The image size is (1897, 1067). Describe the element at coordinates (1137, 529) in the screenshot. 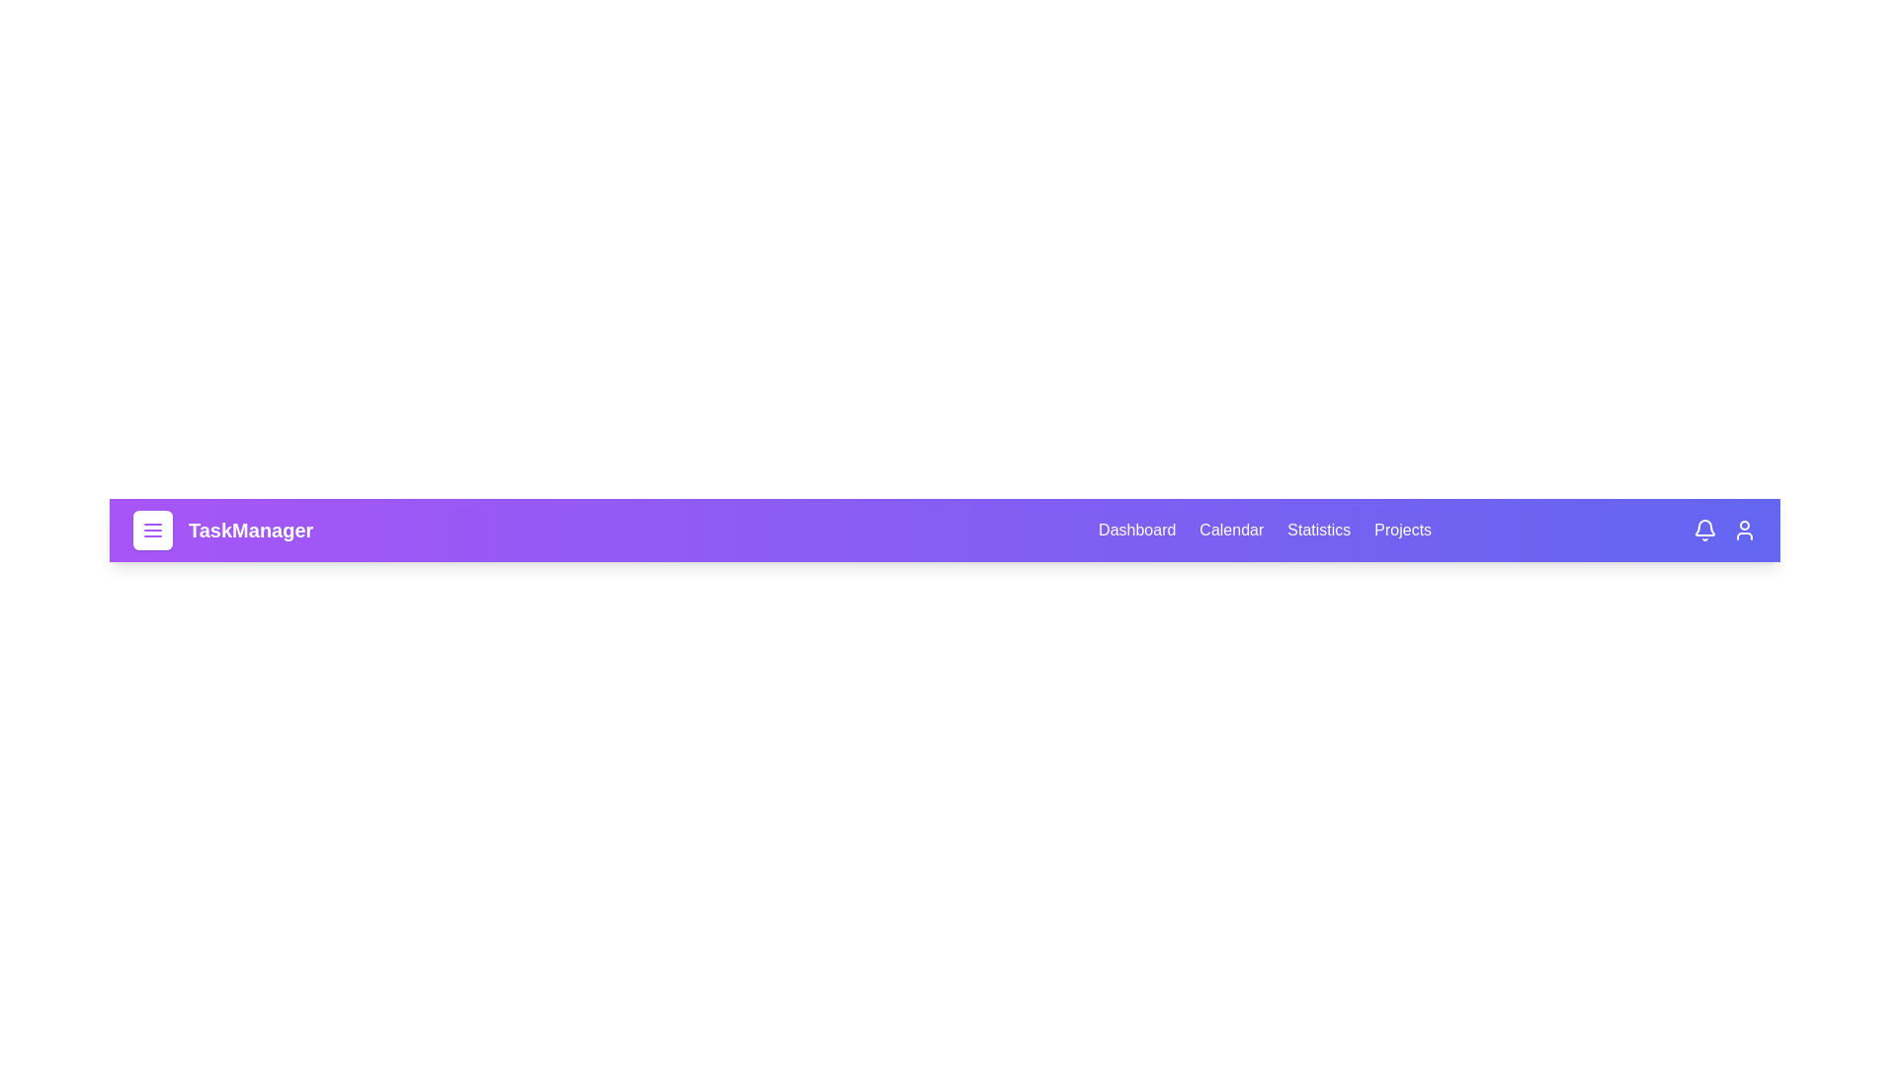

I see `the Dashboard tab to navigate to the respective section` at that location.